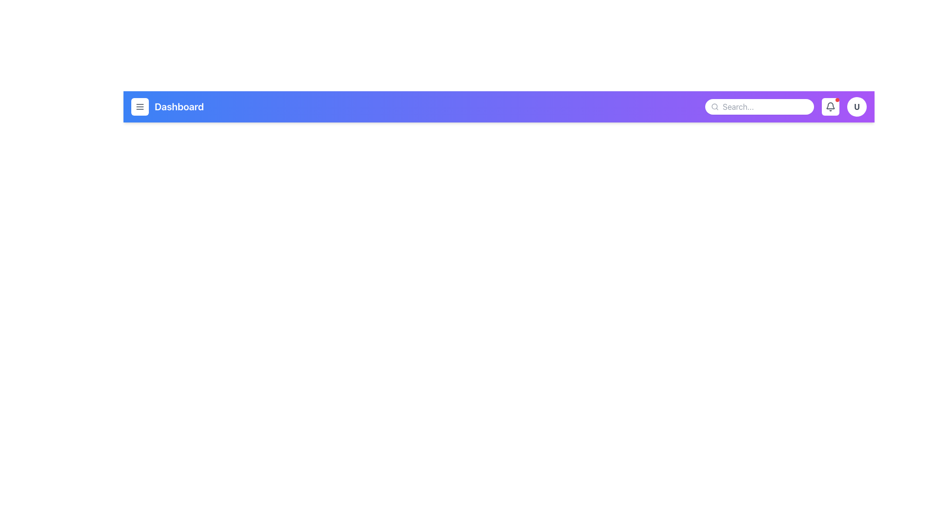  I want to click on the white circular button with a hamburger menu icon located on the left side of the header bar, so click(140, 107).